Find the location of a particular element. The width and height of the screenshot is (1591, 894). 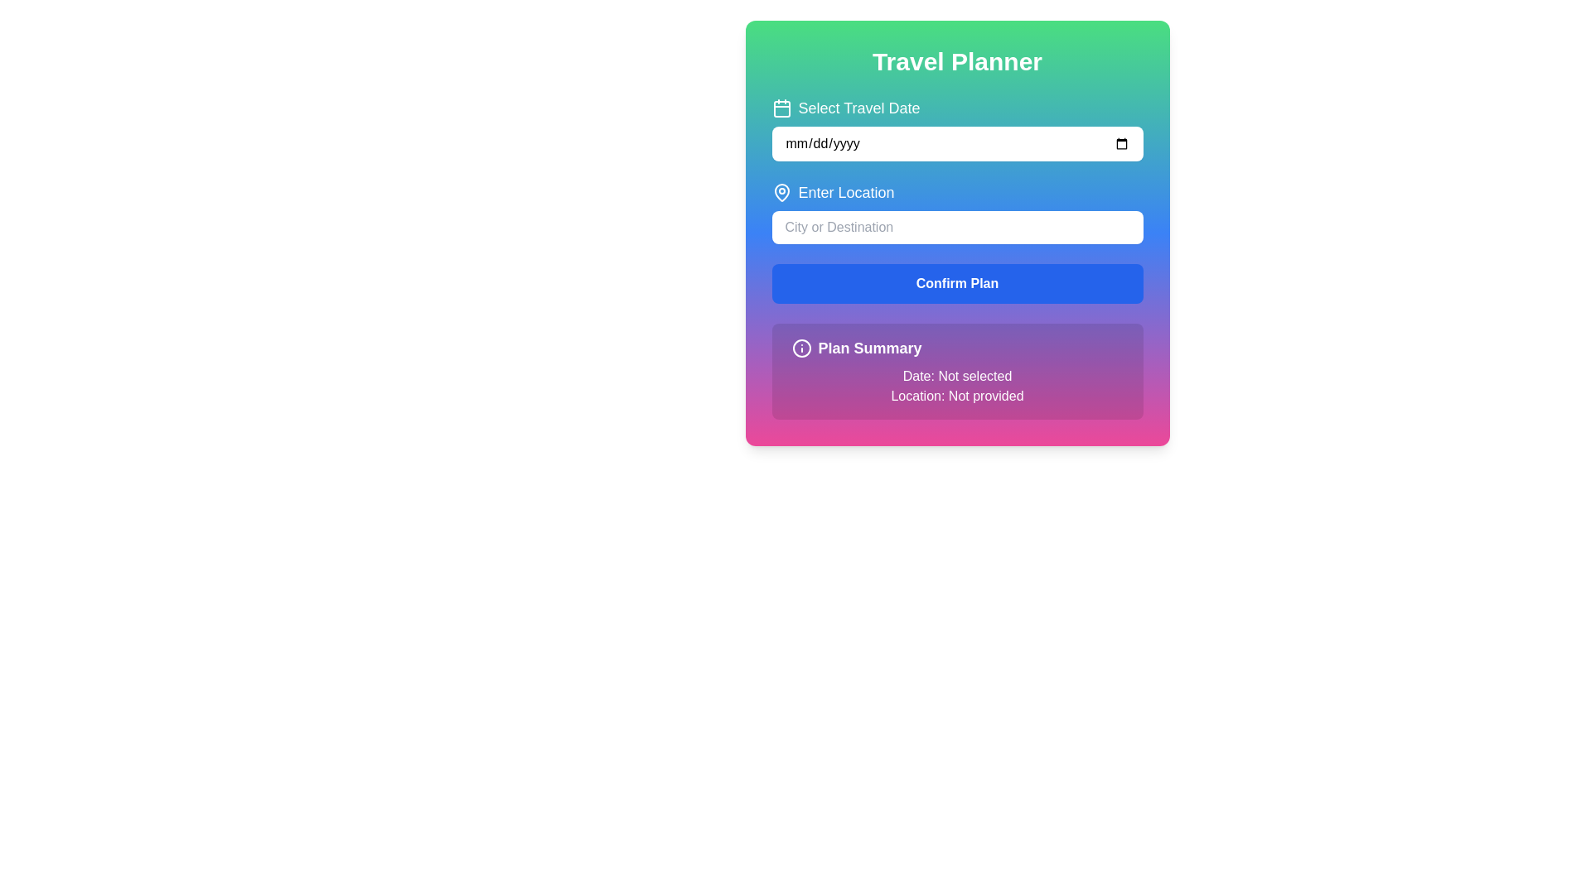

the map pin icon located to the left of the 'Enter Location' text, which serves as a visual cue for location input is located at coordinates (781, 191).